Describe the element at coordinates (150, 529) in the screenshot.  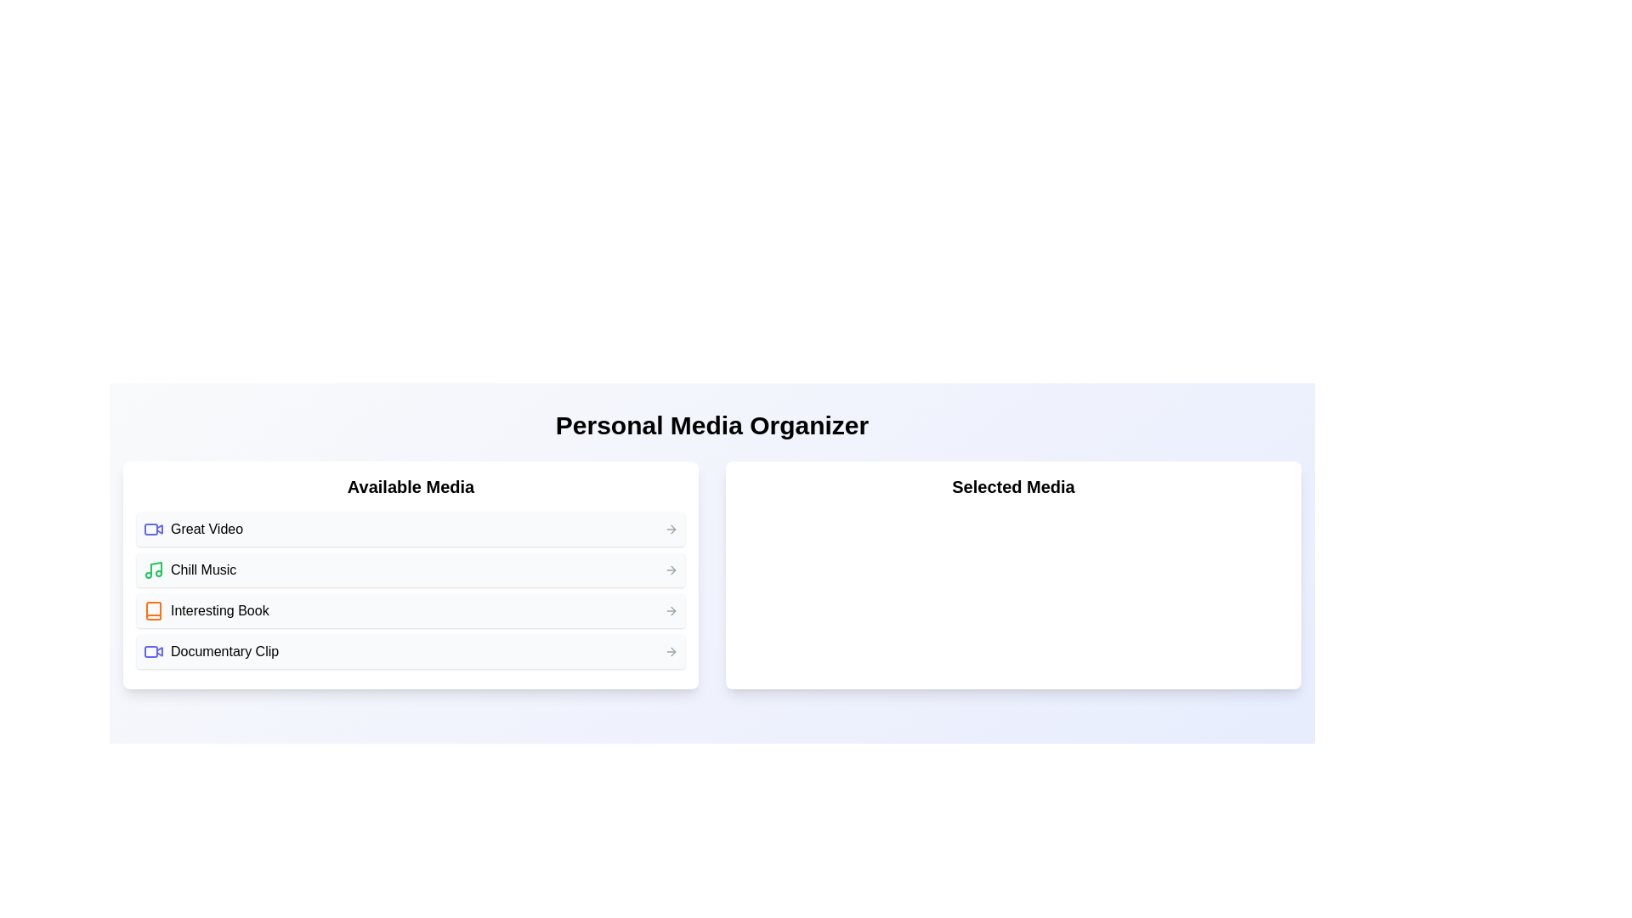
I see `the video media icon indicator located to the left of the text 'Great Video' to observe the associated tooltip or label` at that location.